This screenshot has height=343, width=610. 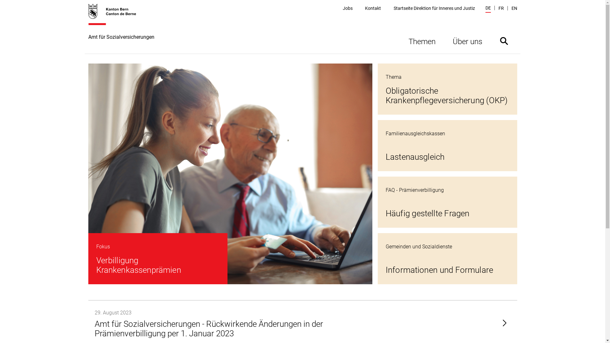 I want to click on 'FR', so click(x=500, y=8).